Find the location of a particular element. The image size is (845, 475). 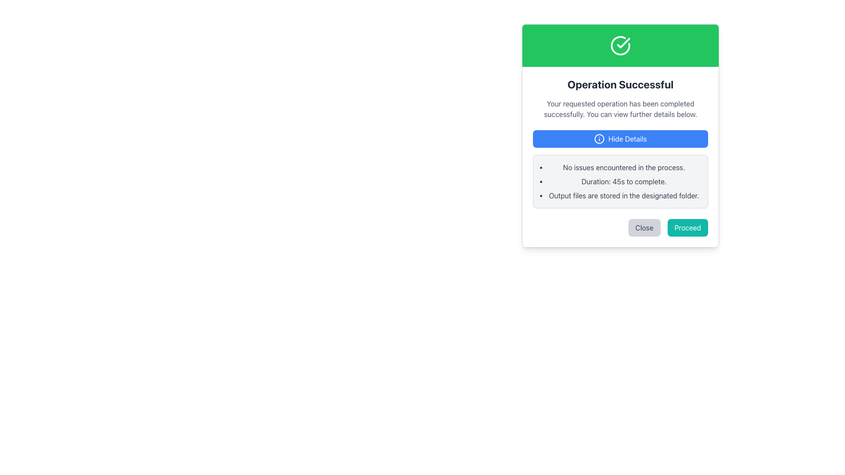

the button that collapses or hides detailed information displayed below it, observing the visual highlight effect is located at coordinates (620, 139).